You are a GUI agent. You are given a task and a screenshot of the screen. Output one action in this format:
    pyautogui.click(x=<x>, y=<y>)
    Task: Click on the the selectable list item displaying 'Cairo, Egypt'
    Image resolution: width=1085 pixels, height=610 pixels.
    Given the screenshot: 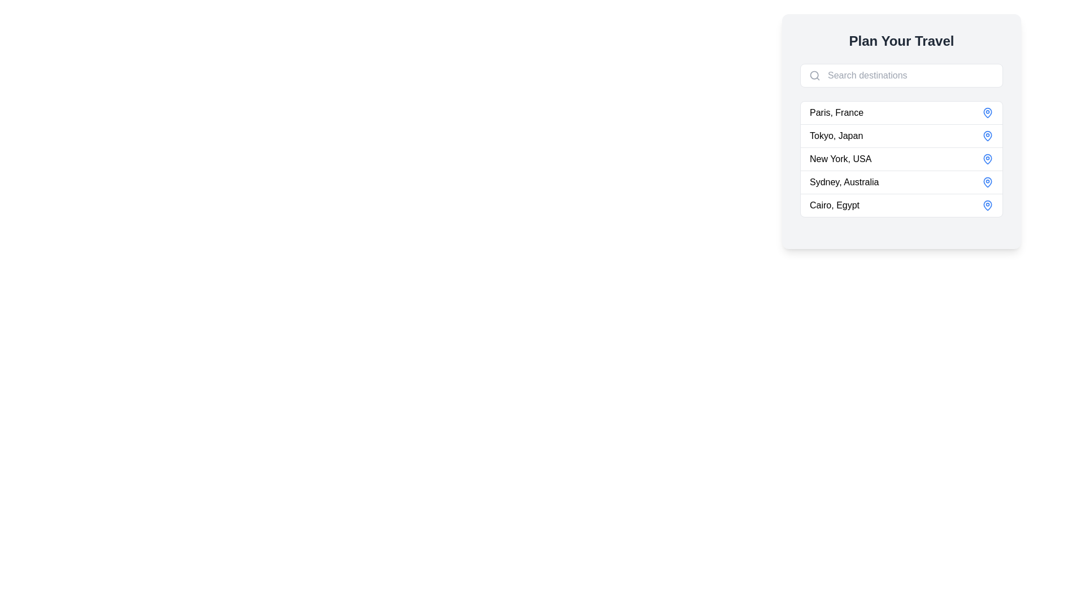 What is the action you would take?
    pyautogui.click(x=901, y=205)
    